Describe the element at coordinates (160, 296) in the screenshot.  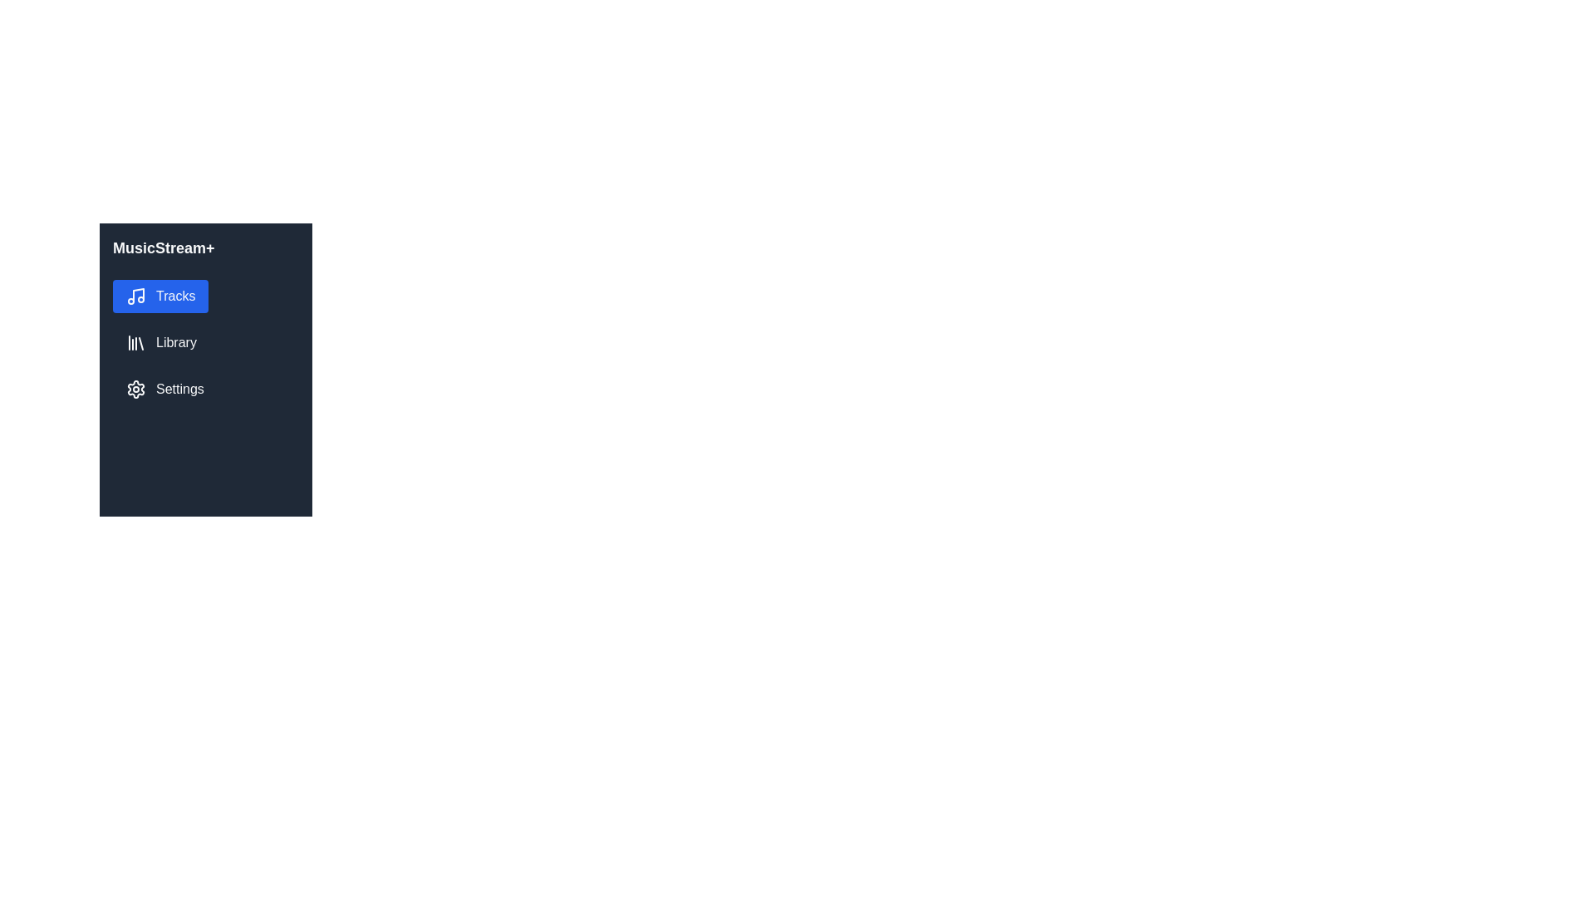
I see `the blue 'Tracks' button with a music note icon, located in the sidebar just below the 'MusicStream+' title` at that location.